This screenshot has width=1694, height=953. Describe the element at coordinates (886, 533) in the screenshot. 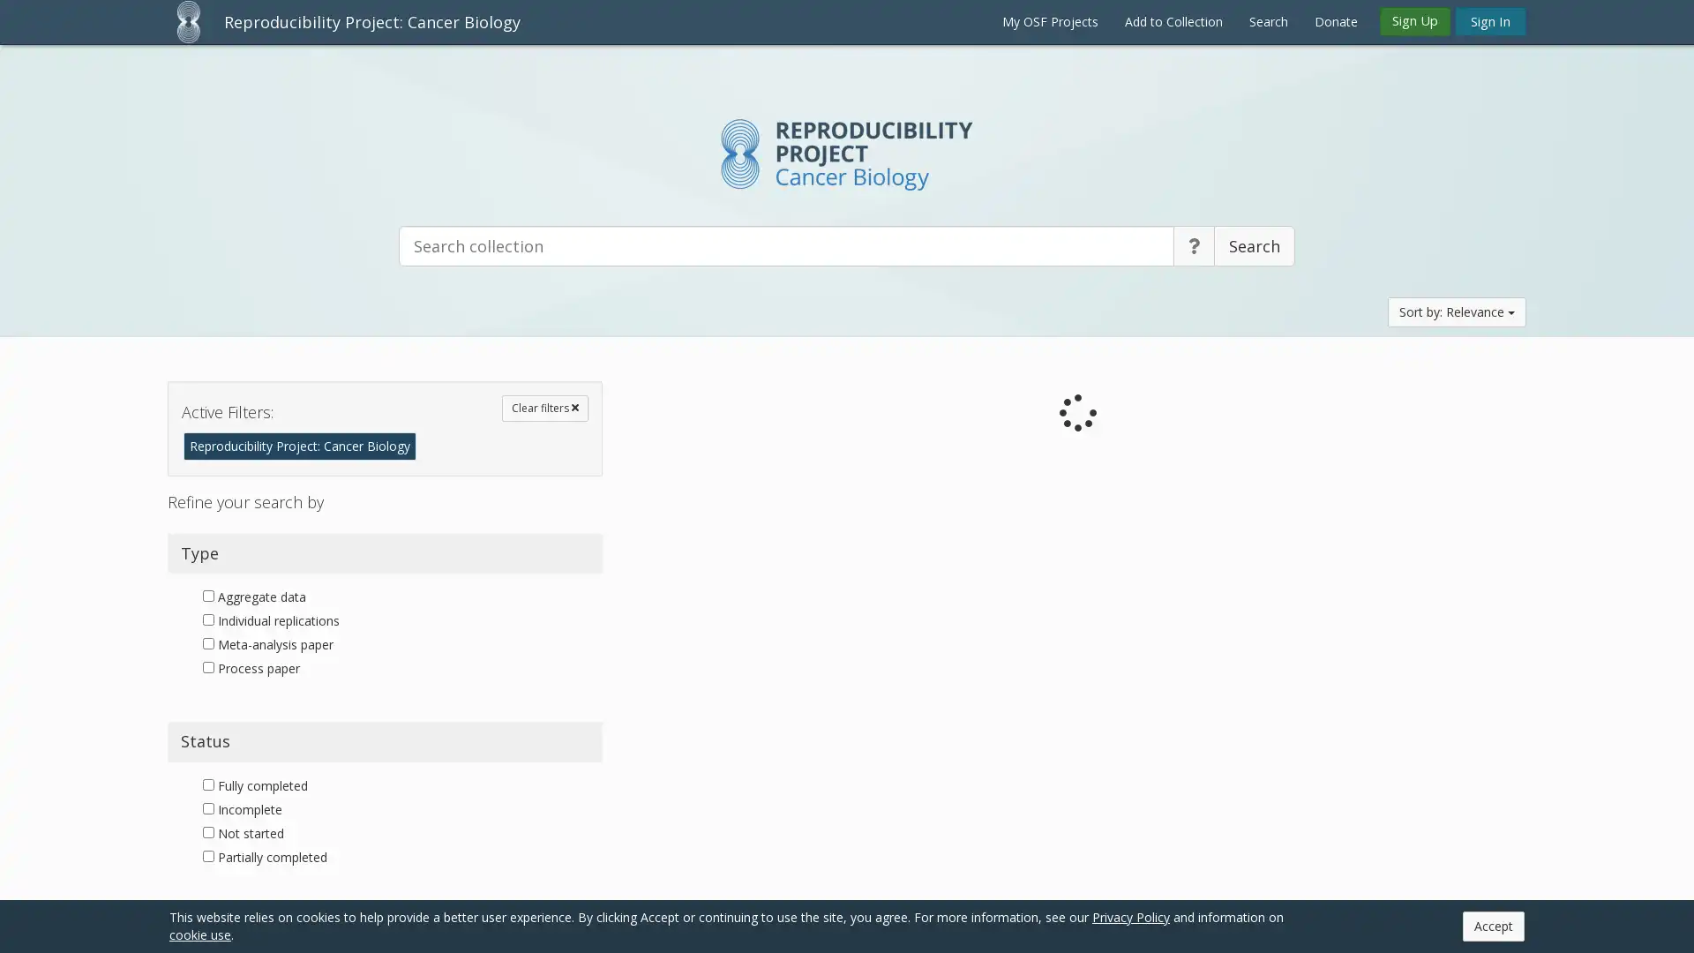

I see `| Status: Incomplete` at that location.